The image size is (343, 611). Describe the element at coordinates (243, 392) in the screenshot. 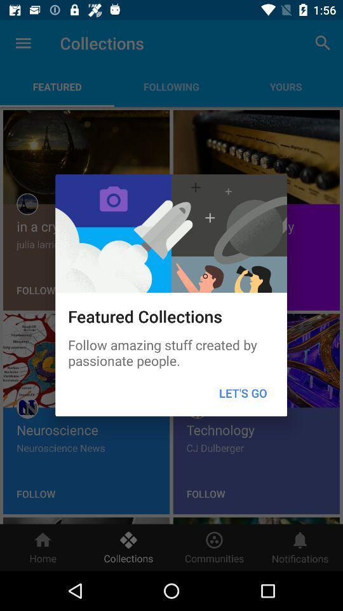

I see `let's go item` at that location.